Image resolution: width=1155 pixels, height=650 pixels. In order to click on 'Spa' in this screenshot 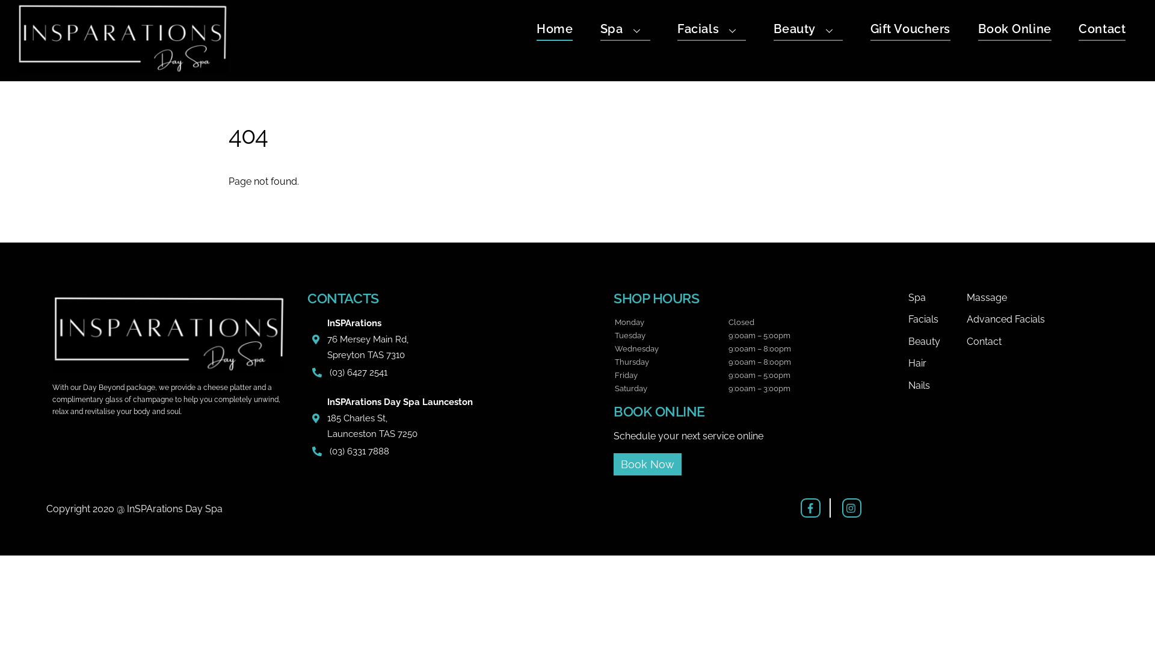, I will do `click(936, 297)`.